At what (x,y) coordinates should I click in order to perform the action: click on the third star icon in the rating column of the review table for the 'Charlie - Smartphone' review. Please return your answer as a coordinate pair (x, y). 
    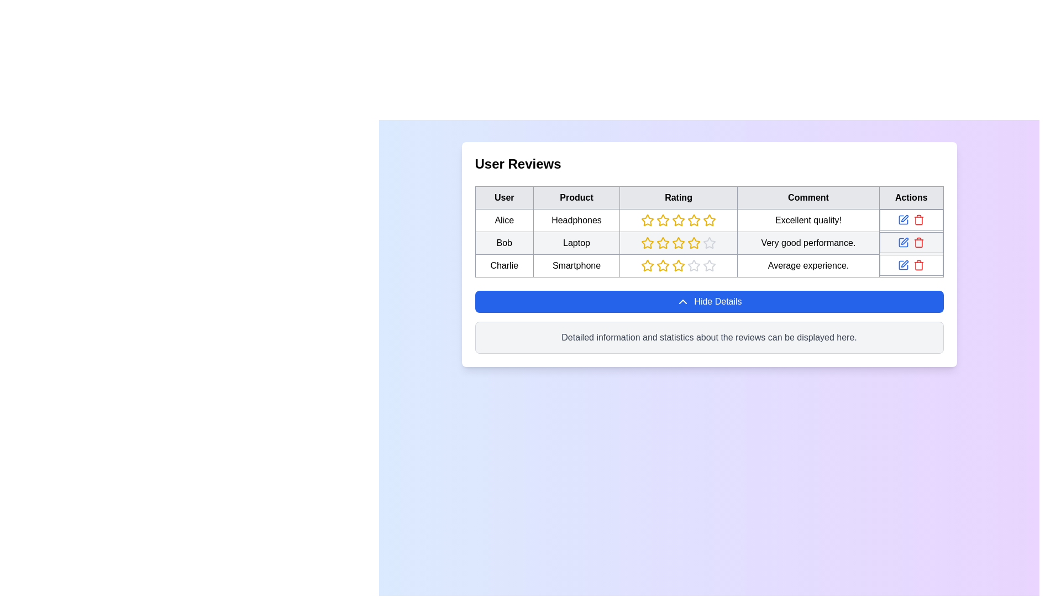
    Looking at the image, I should click on (694, 265).